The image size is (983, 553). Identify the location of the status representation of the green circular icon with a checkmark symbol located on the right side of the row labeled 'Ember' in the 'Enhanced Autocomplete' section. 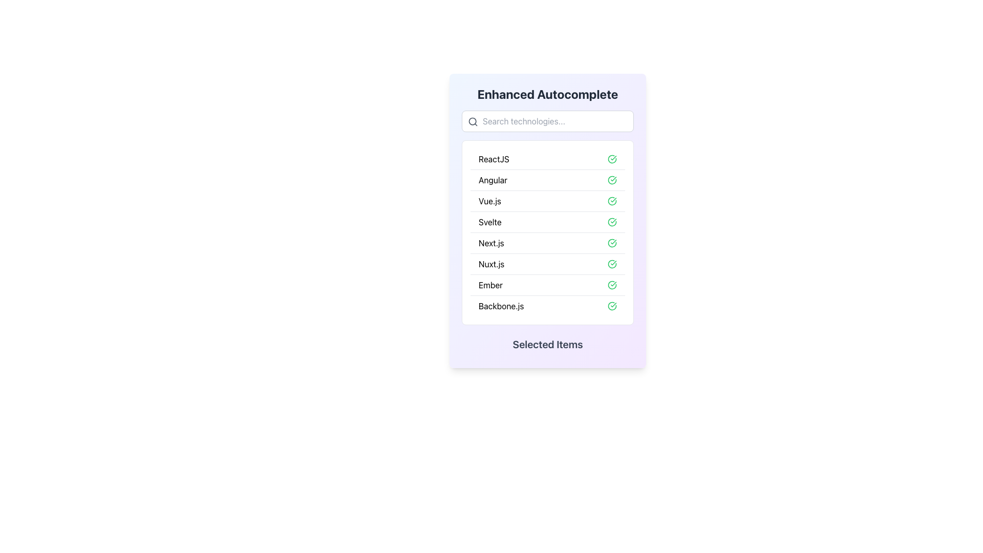
(612, 285).